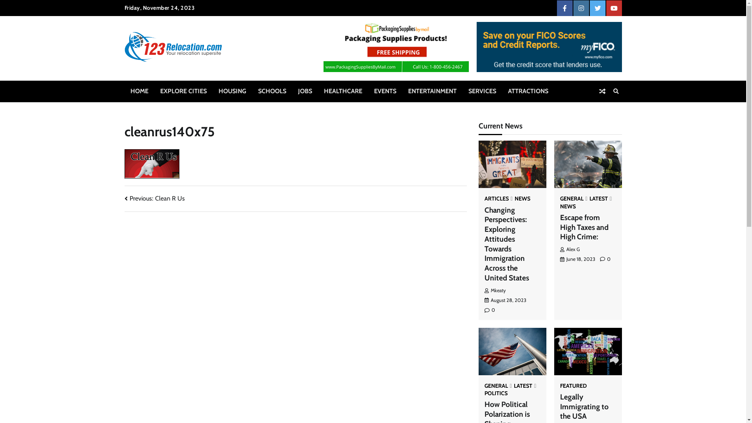  What do you see at coordinates (495, 393) in the screenshot?
I see `'POLITICS'` at bounding box center [495, 393].